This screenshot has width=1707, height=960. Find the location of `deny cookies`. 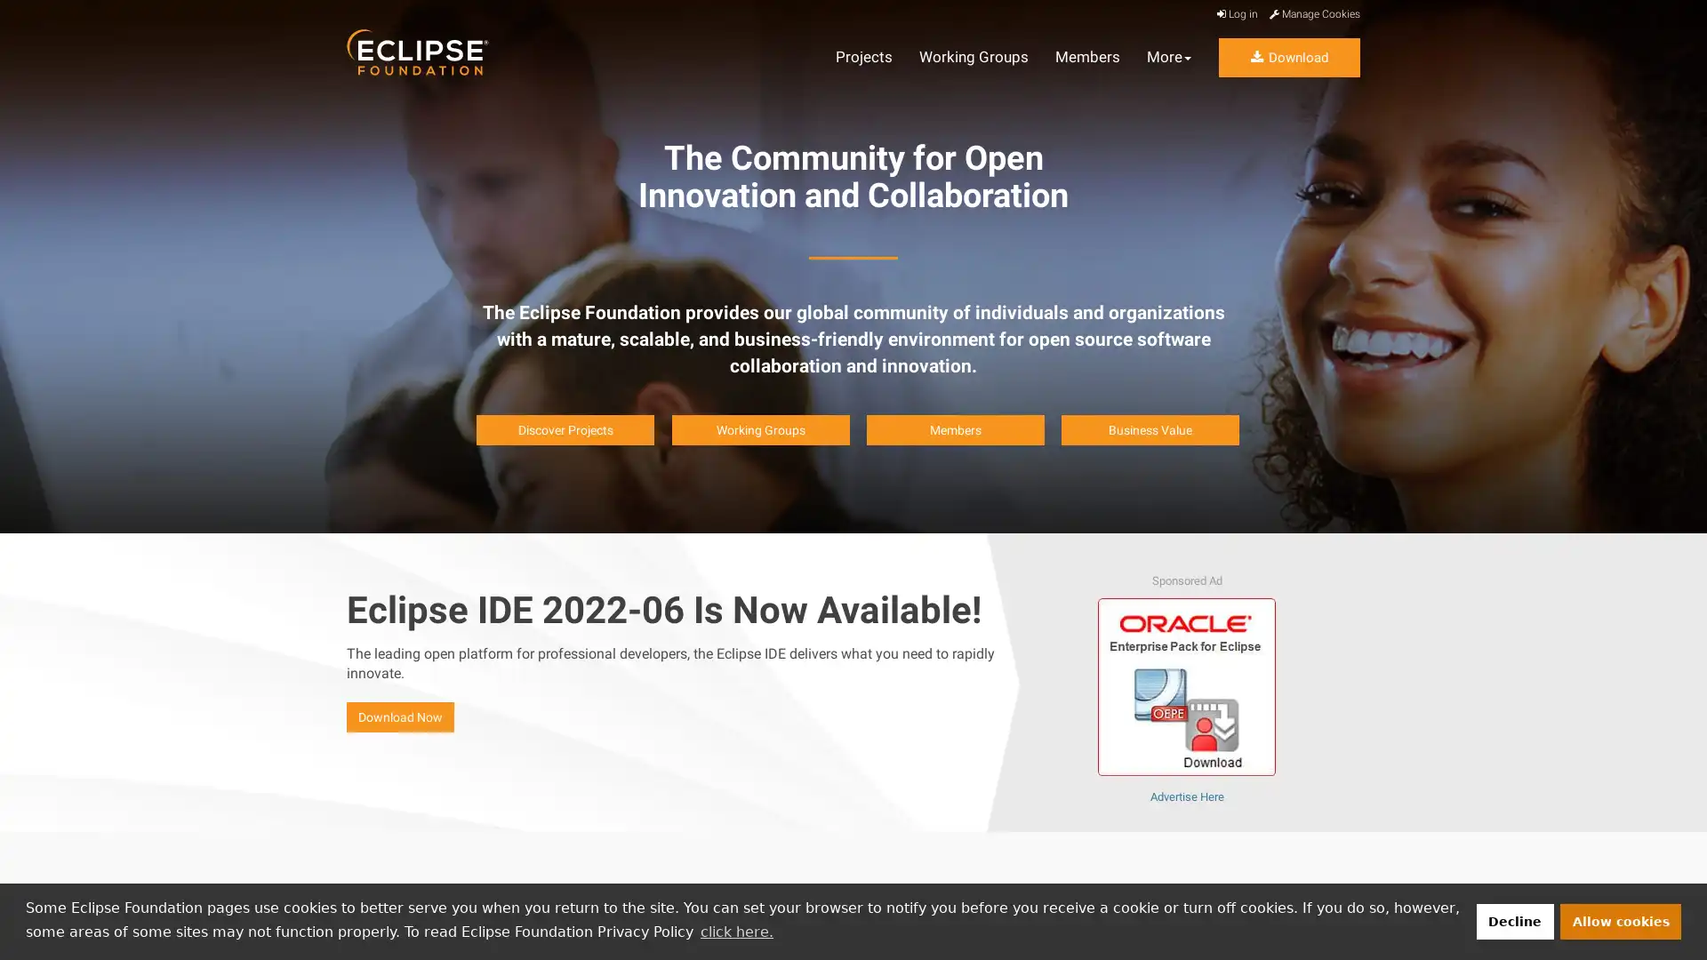

deny cookies is located at coordinates (1513, 920).